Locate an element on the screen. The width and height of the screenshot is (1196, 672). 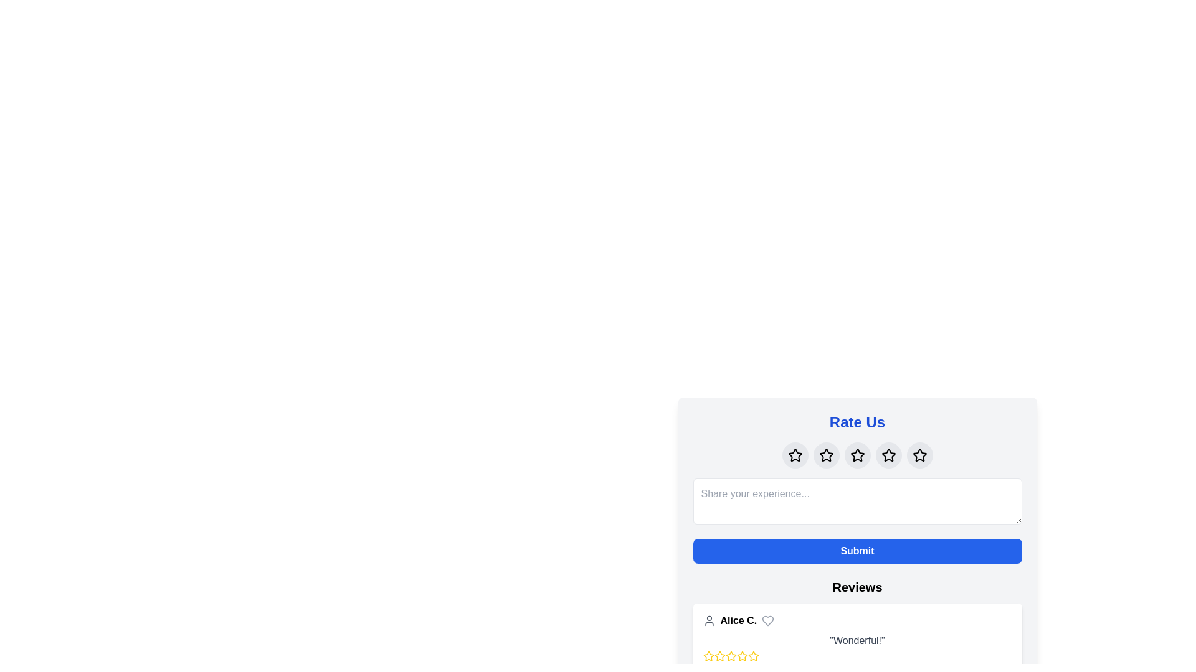
the first star icon is located at coordinates (794, 455).